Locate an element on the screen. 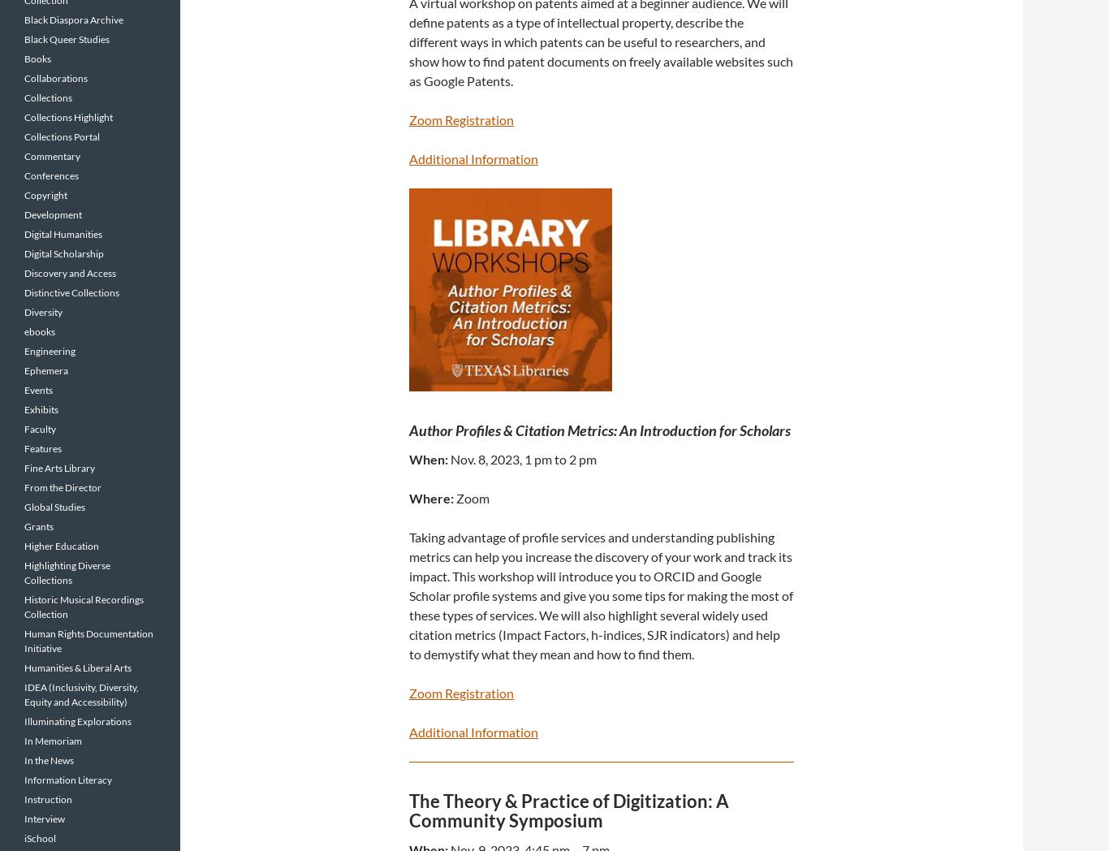 Image resolution: width=1109 pixels, height=851 pixels. 'Higher Education' is located at coordinates (61, 546).